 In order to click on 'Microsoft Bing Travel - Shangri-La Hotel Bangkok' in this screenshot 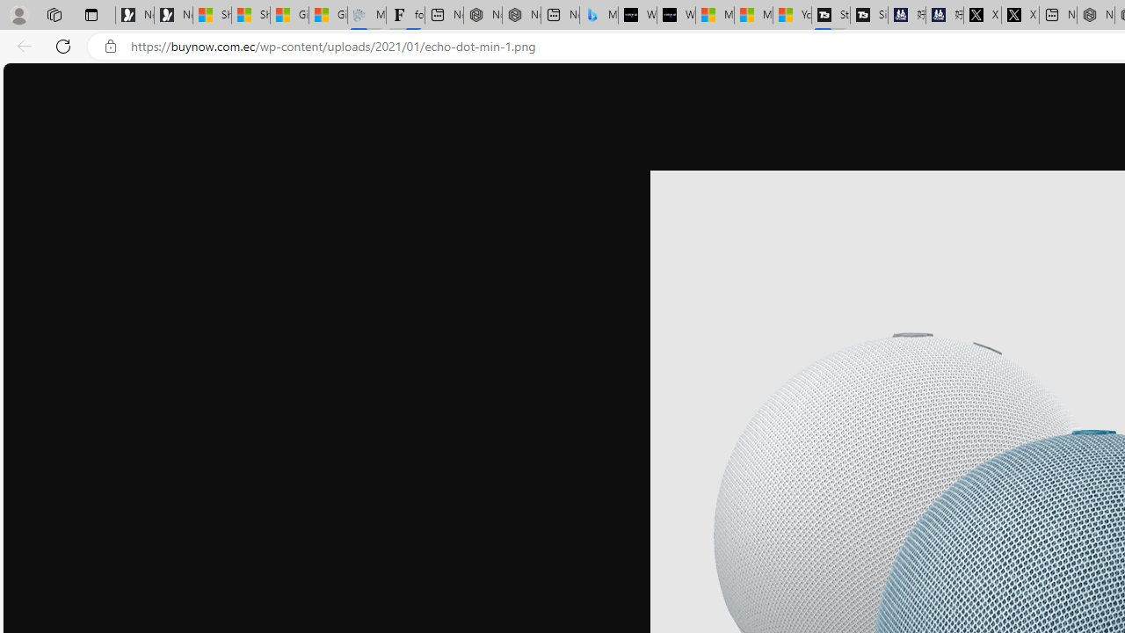, I will do `click(599, 15)`.